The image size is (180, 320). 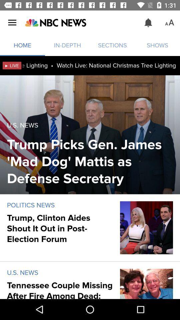 What do you see at coordinates (169, 23) in the screenshot?
I see `the font icon` at bounding box center [169, 23].